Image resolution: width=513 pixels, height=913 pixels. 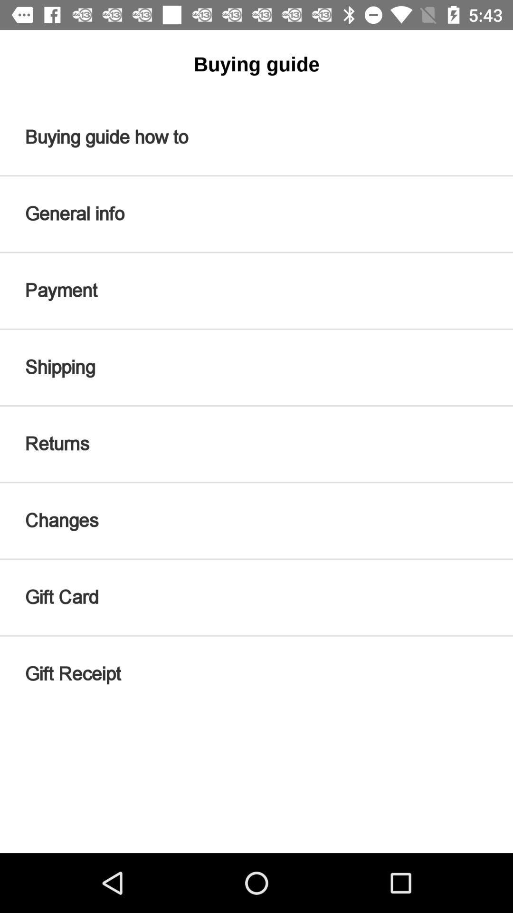 What do you see at coordinates (256, 520) in the screenshot?
I see `the item above the gift card` at bounding box center [256, 520].